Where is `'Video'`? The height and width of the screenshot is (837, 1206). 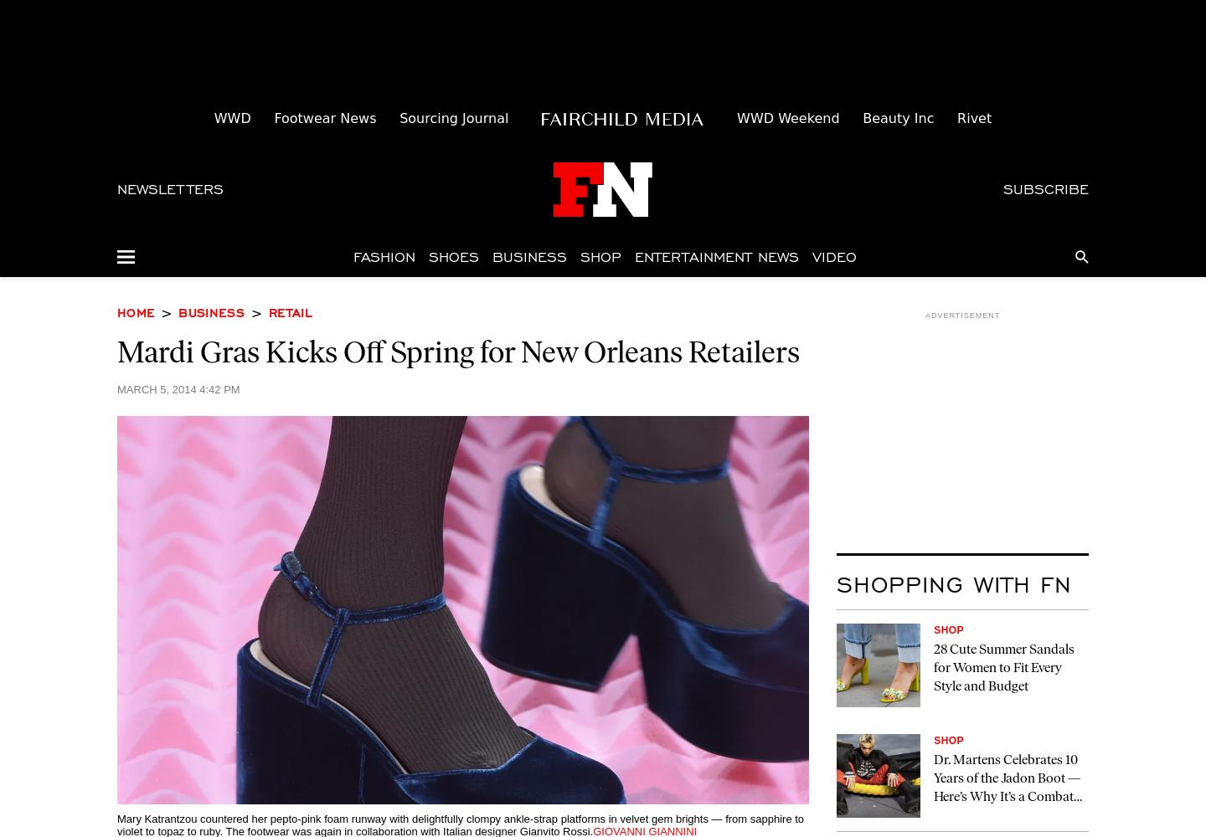 'Video' is located at coordinates (833, 256).